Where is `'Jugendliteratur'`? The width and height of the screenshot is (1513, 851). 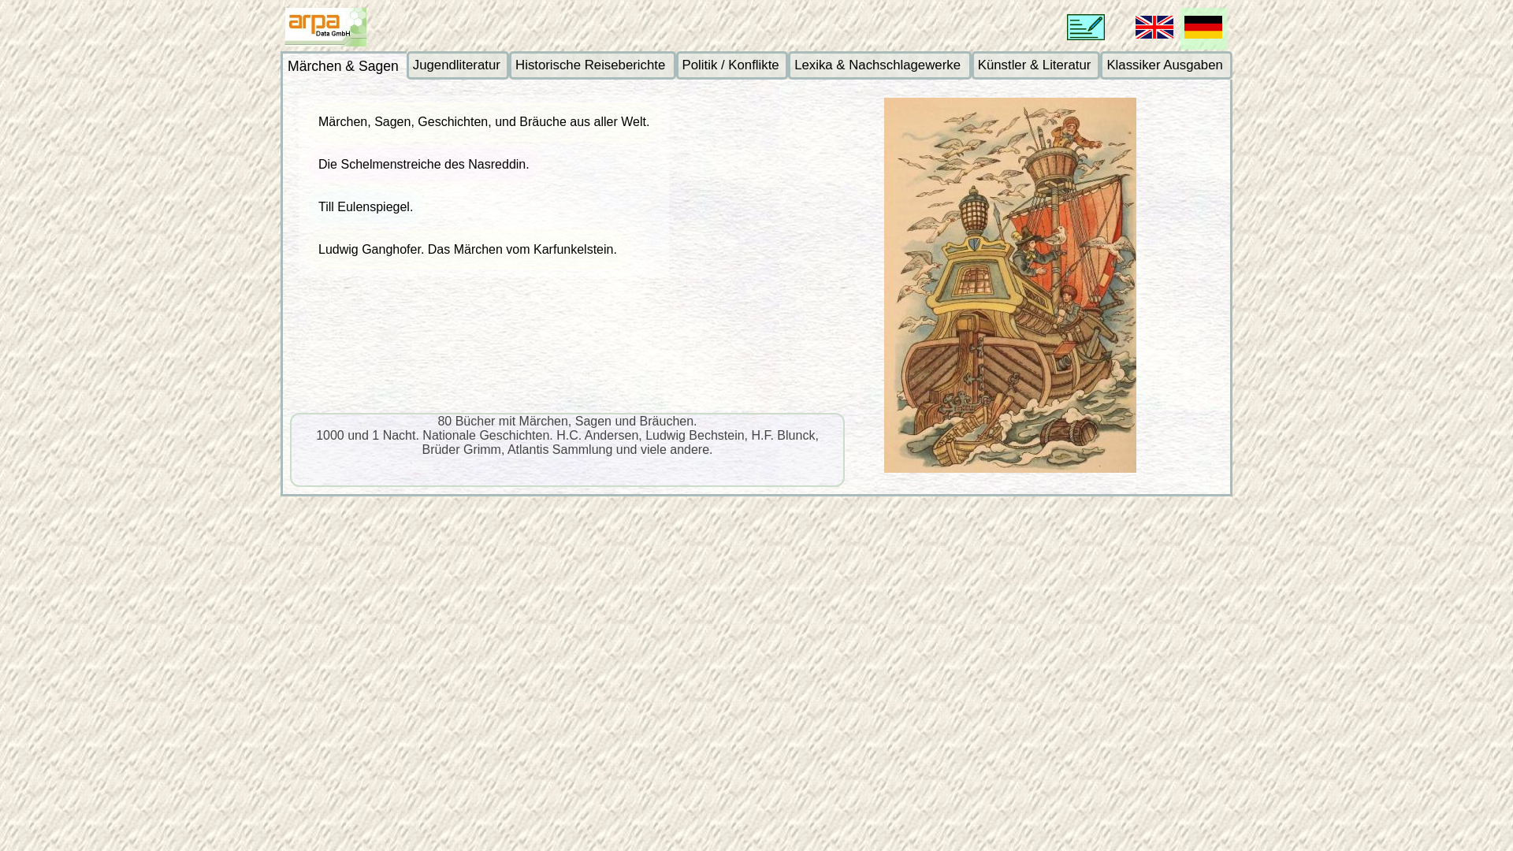
'Jugendliteratur' is located at coordinates (456, 65).